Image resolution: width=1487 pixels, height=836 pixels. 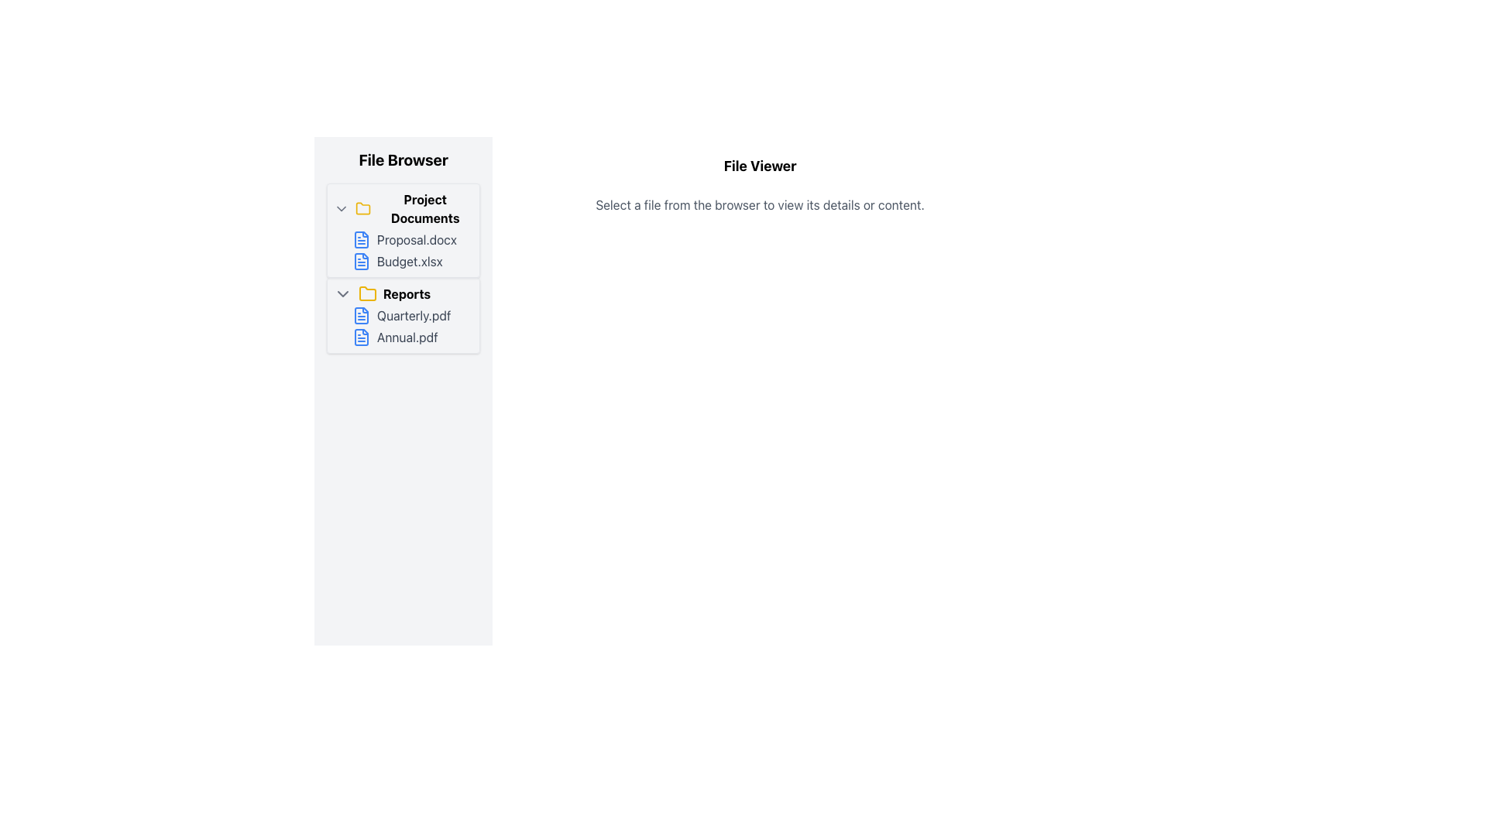 What do you see at coordinates (407, 294) in the screenshot?
I see `the 'Reports' text label` at bounding box center [407, 294].